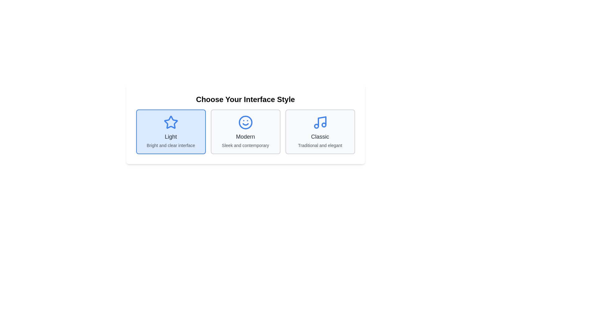  Describe the element at coordinates (320, 145) in the screenshot. I see `descriptive subtitle text element located at the bottom of the 'Classic' card, which provides context about its attributes as 'Traditional and elegant'` at that location.